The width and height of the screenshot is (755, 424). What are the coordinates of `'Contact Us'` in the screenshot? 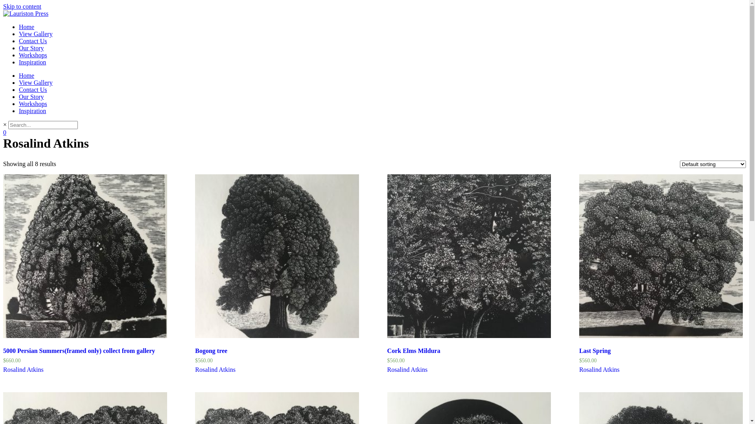 It's located at (32, 41).